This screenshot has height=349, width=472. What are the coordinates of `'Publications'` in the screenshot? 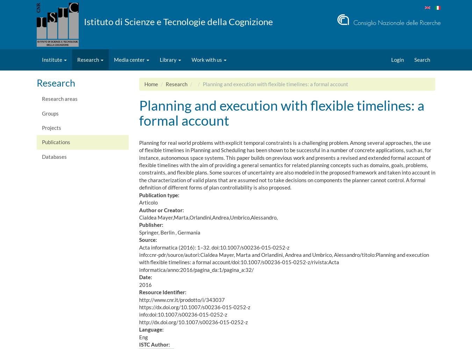 It's located at (56, 142).